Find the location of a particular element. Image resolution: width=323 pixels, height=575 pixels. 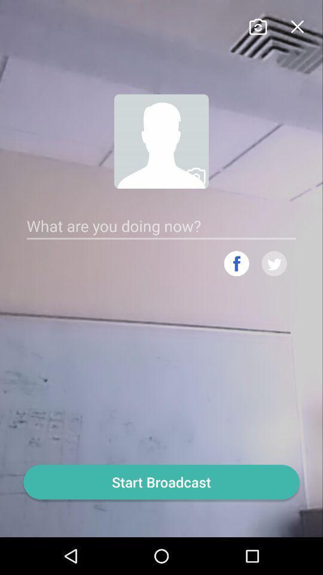

camera is located at coordinates (257, 25).